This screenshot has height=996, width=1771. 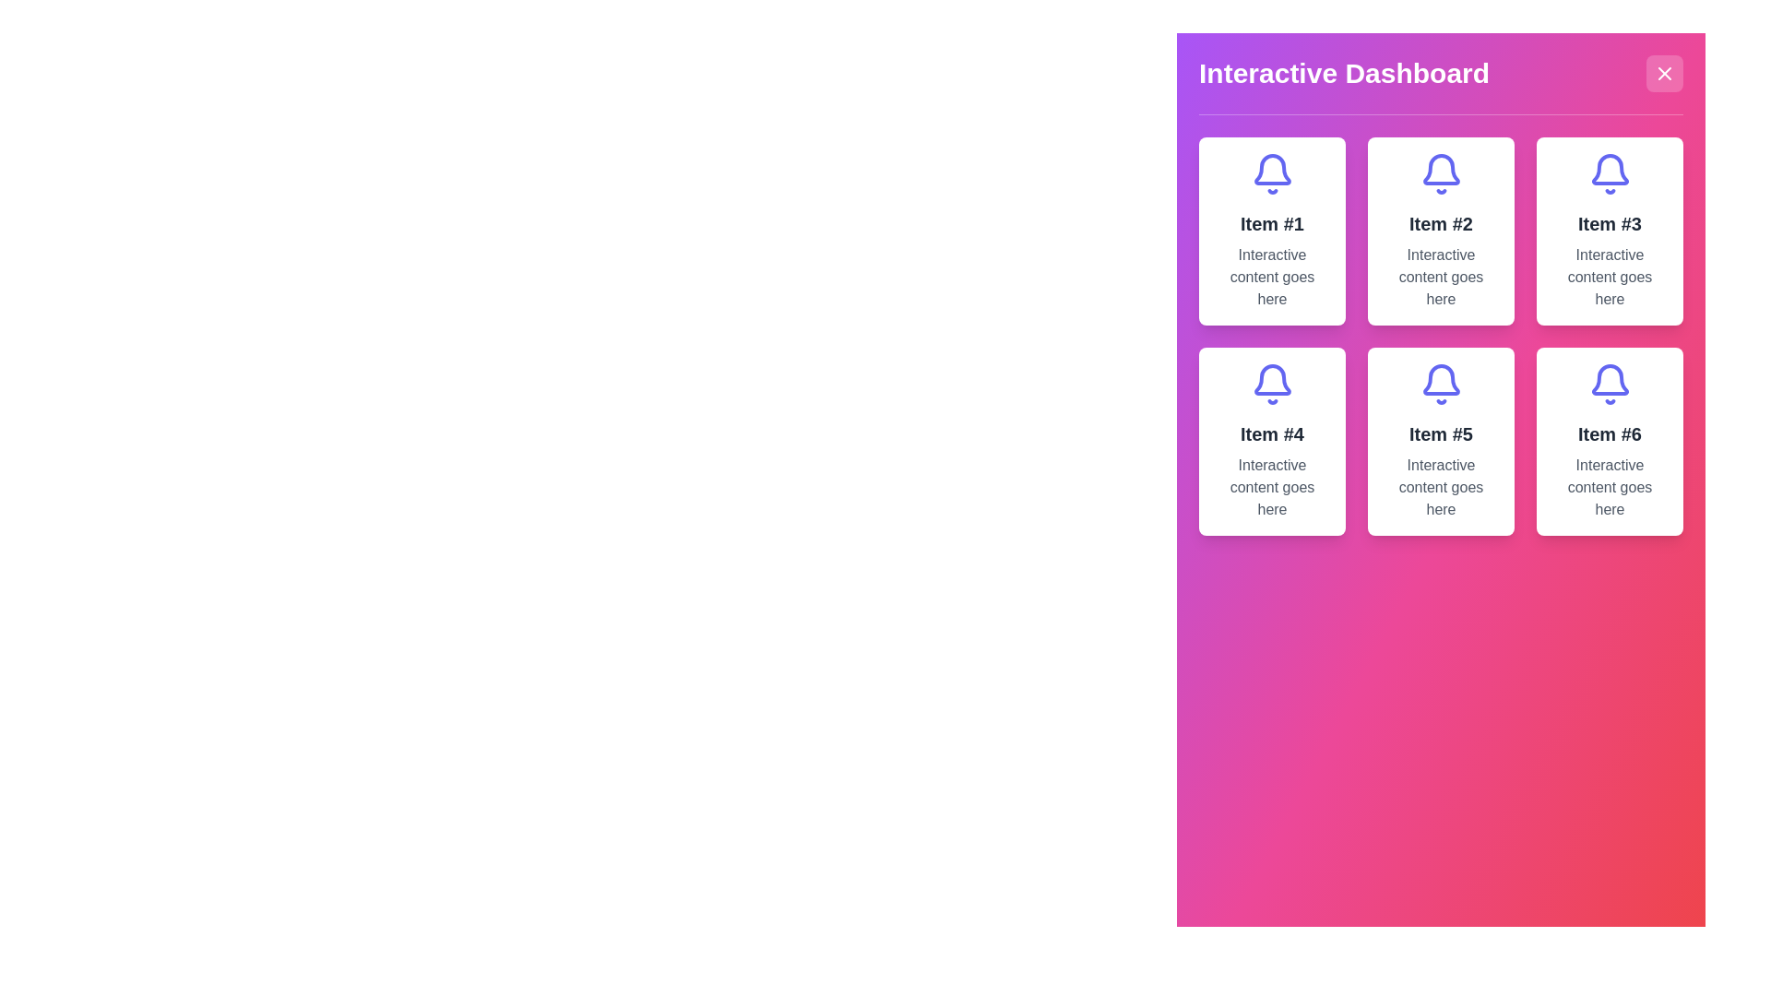 I want to click on the descriptive text block within the card labeled 'Item #1', located at the top-left section of the dashboard, below the title text and the bell icon, so click(x=1271, y=277).